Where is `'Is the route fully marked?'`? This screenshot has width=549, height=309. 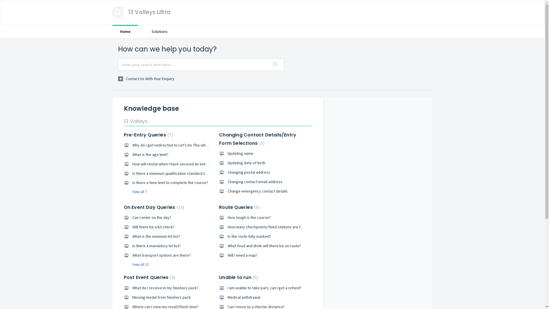
'Is the route fully marked?' is located at coordinates (249, 236).